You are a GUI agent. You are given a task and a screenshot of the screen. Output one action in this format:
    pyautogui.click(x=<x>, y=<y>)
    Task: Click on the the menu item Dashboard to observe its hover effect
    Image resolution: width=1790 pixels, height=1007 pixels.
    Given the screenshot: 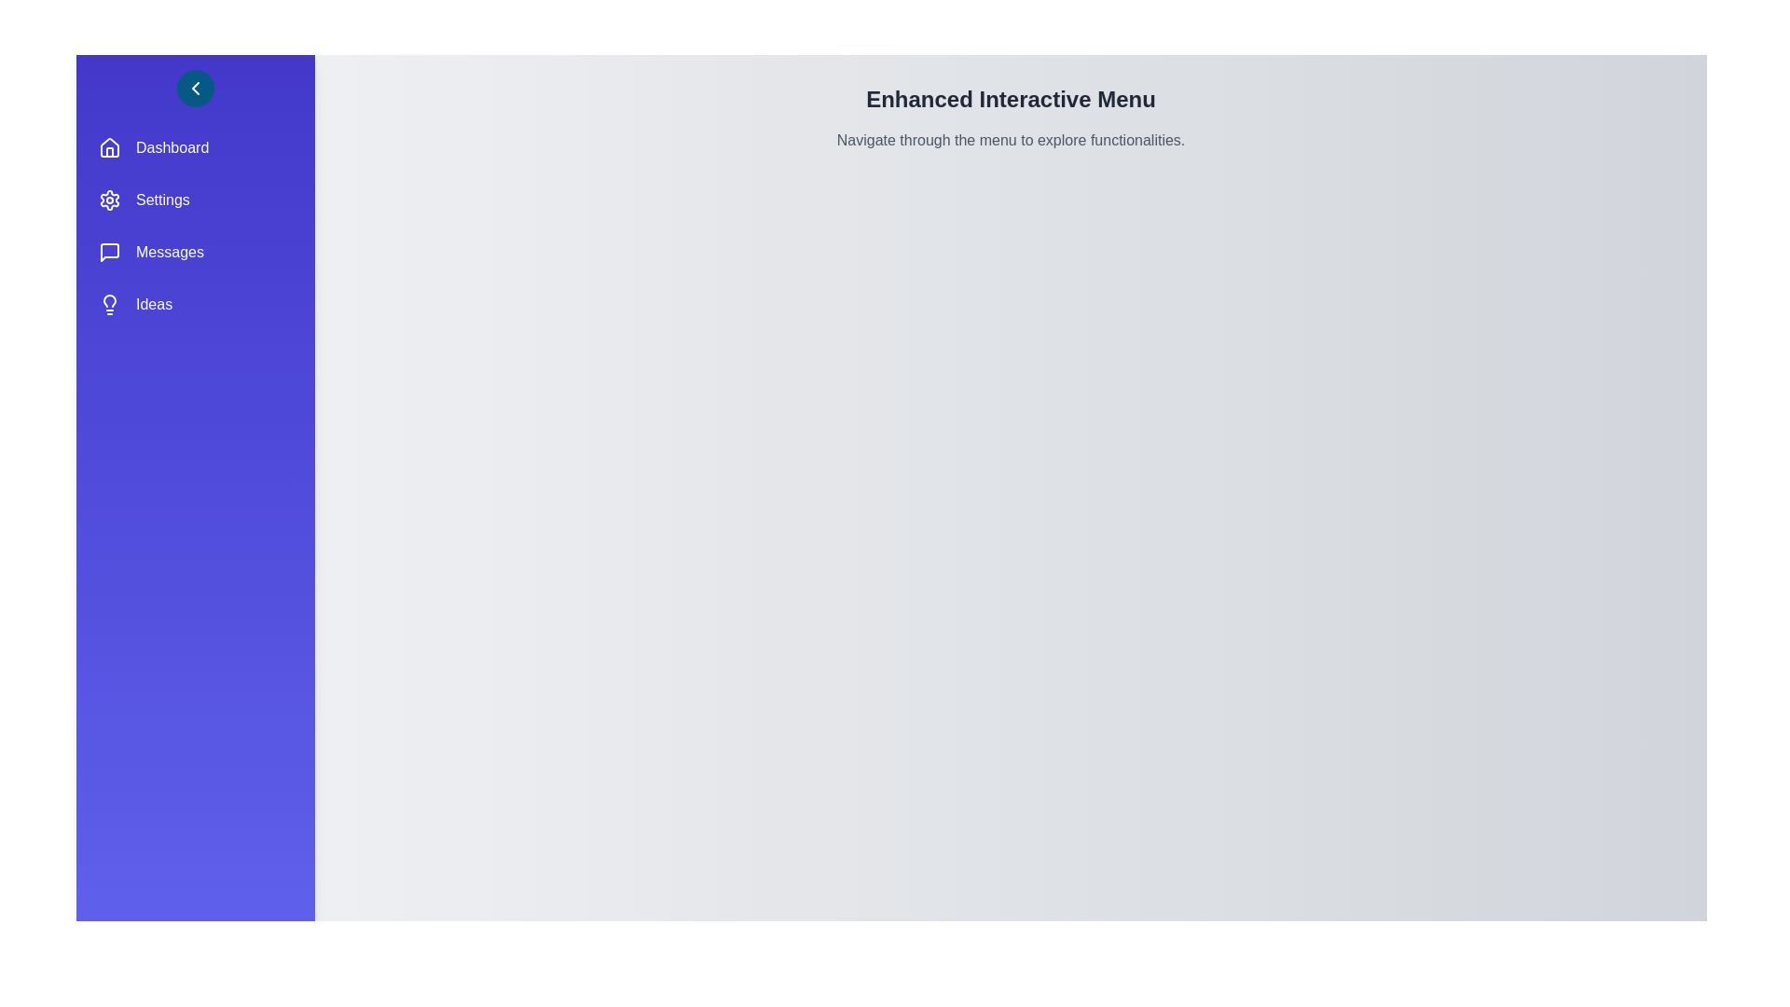 What is the action you would take?
    pyautogui.click(x=196, y=146)
    